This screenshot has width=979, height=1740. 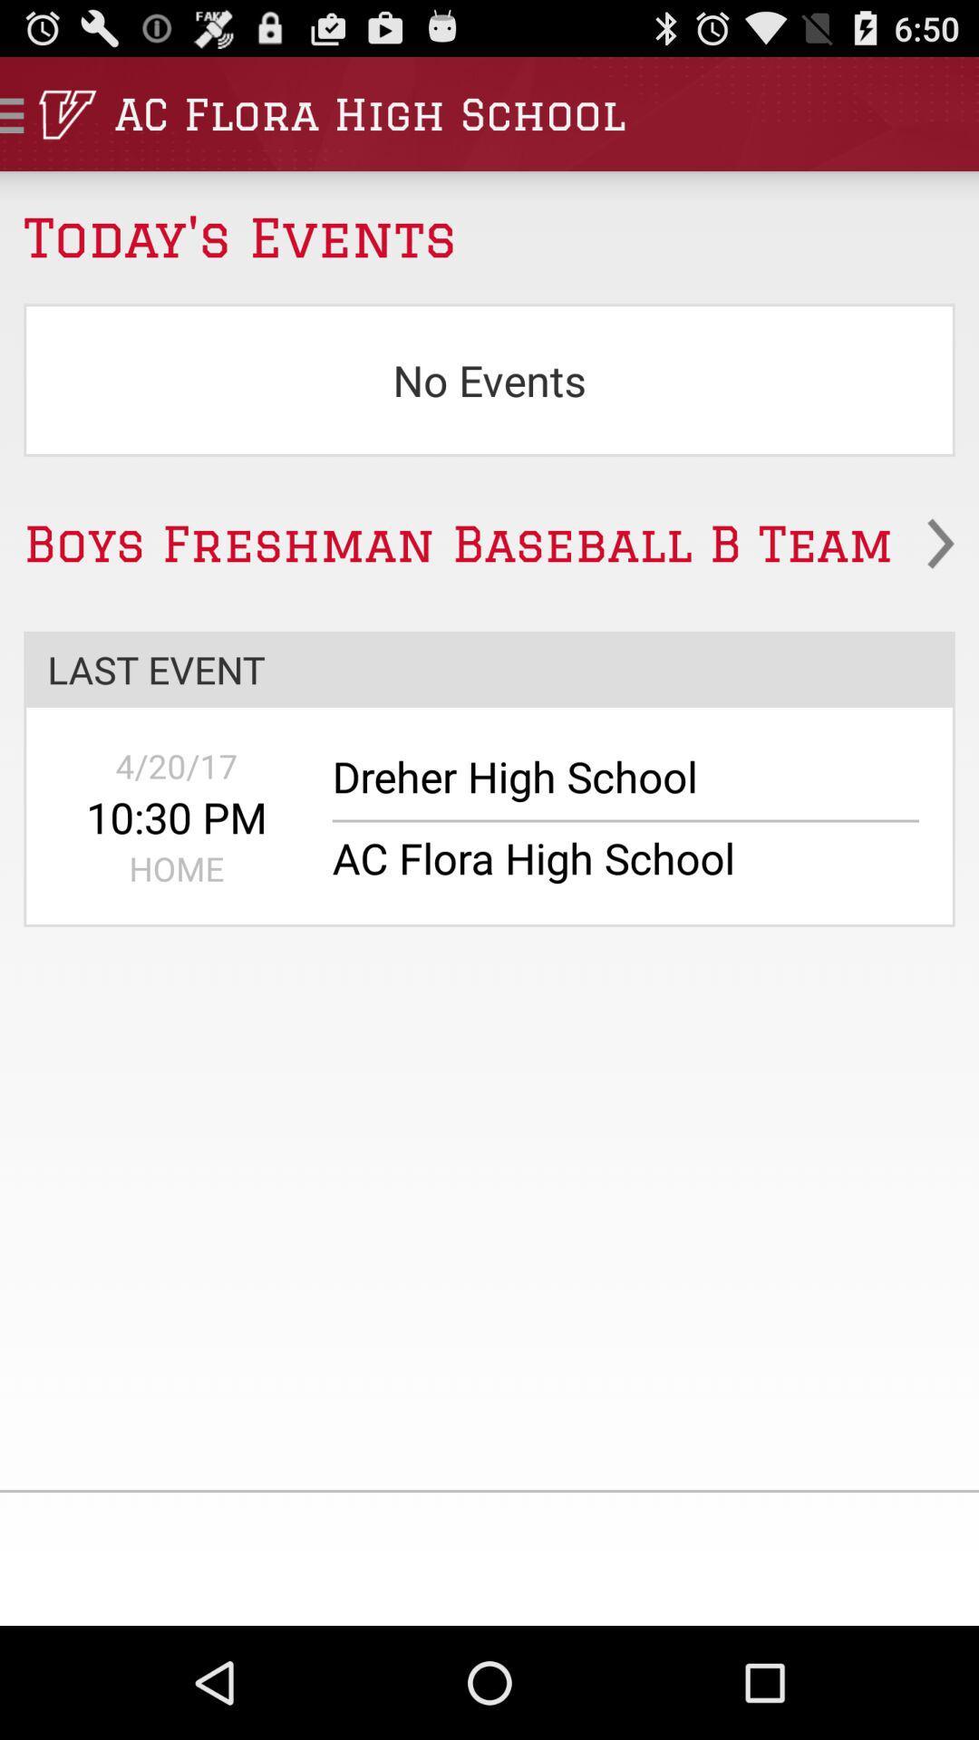 I want to click on item next to the 10:30 pm item, so click(x=613, y=786).